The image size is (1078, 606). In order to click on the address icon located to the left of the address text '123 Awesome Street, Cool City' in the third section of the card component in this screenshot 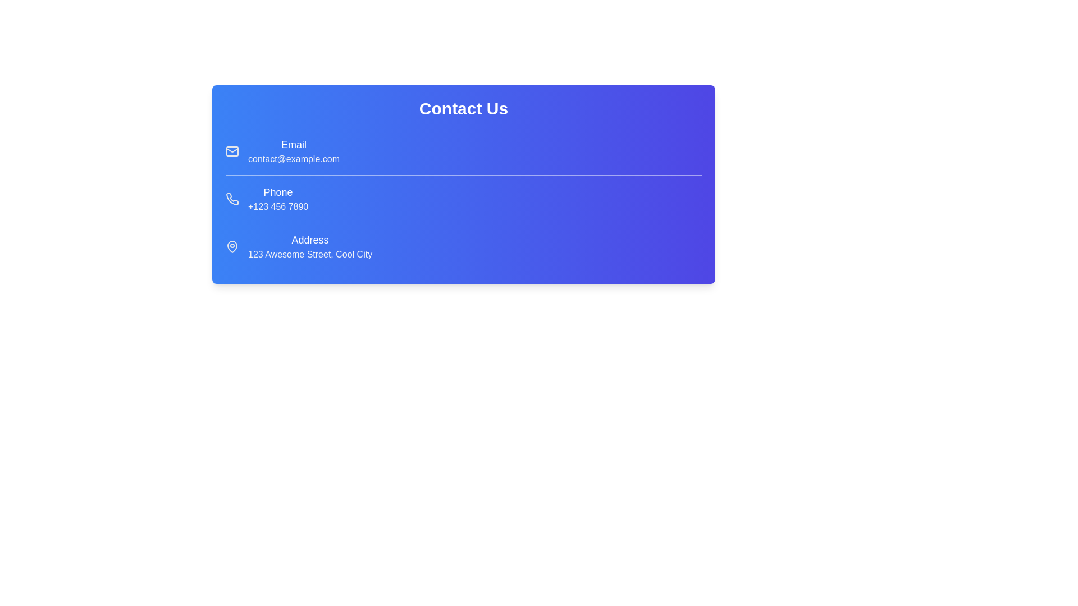, I will do `click(231, 246)`.